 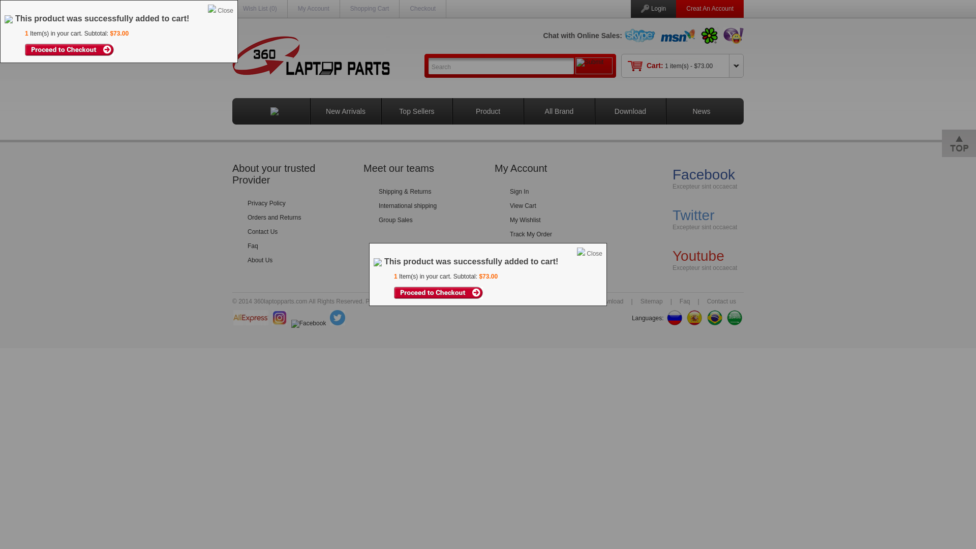 What do you see at coordinates (709, 8) in the screenshot?
I see `'Creat An Account'` at bounding box center [709, 8].